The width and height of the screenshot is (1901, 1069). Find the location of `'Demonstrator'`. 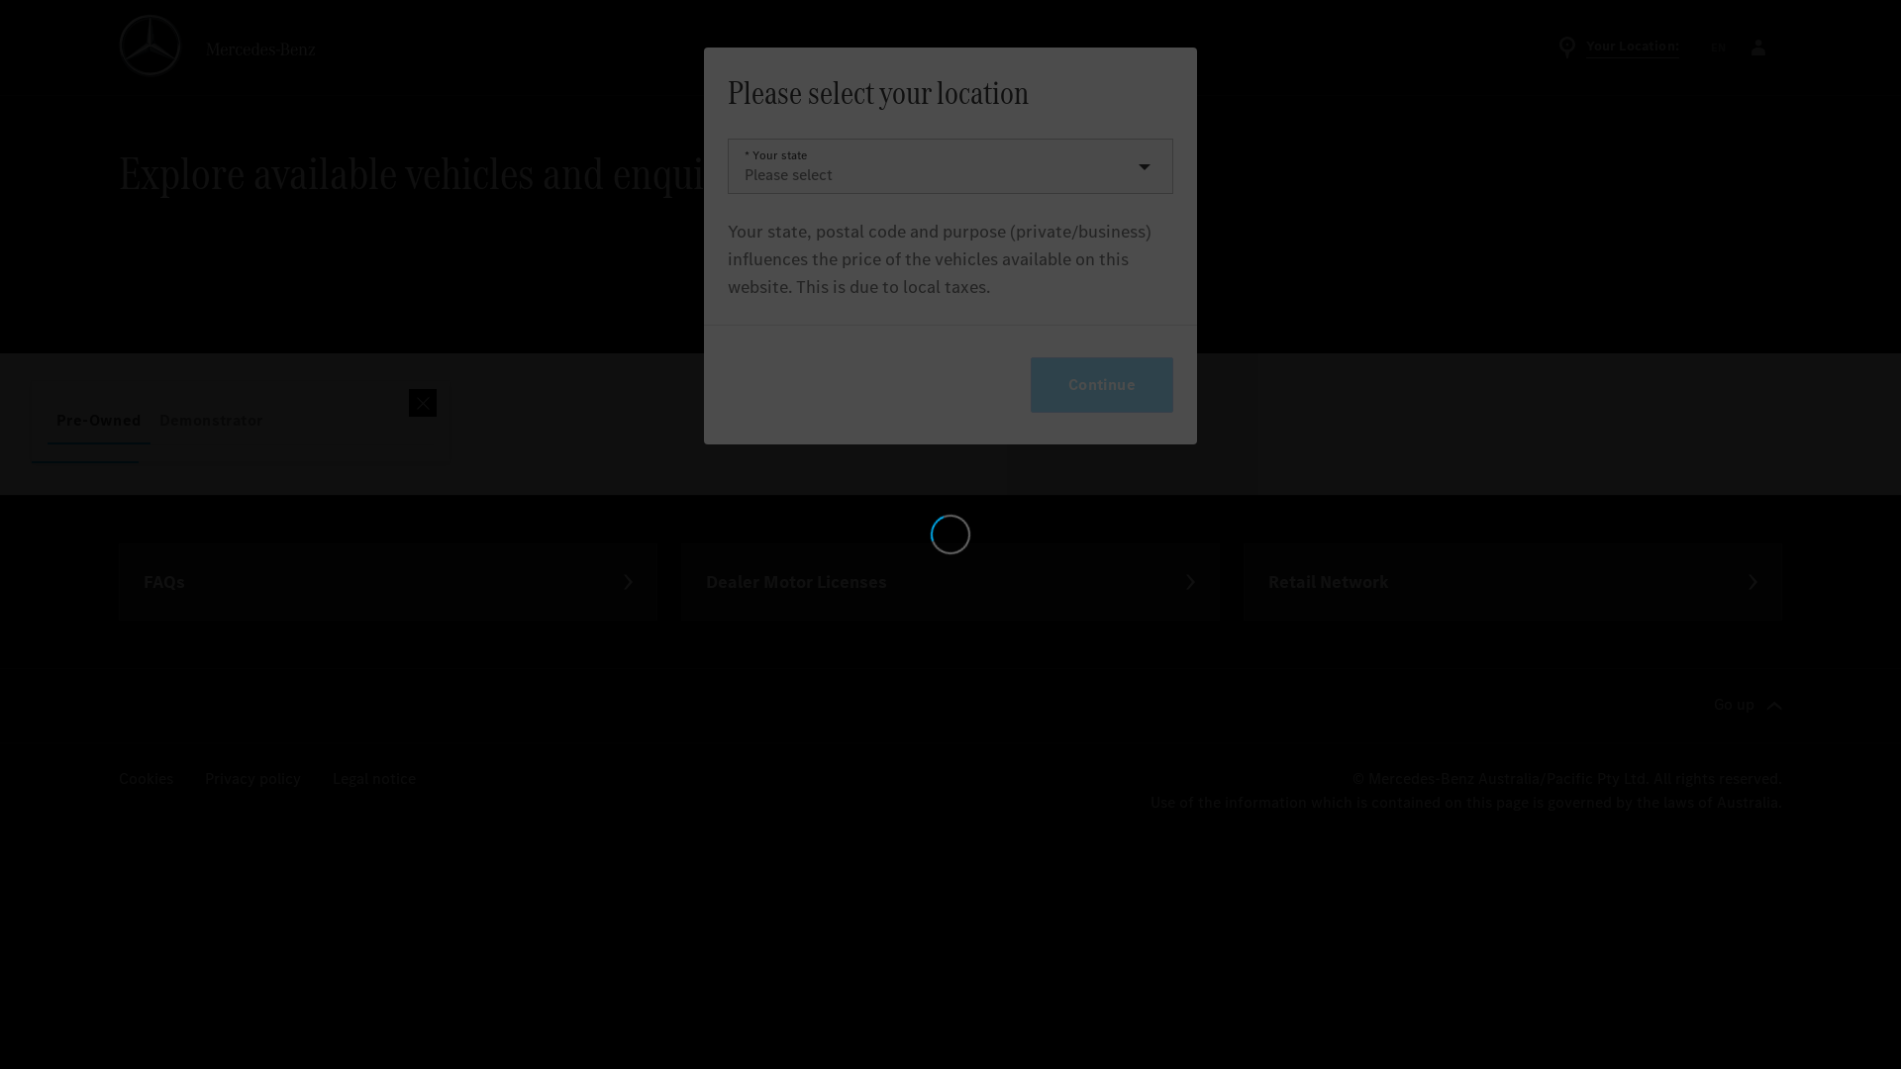

'Demonstrator' is located at coordinates (211, 419).